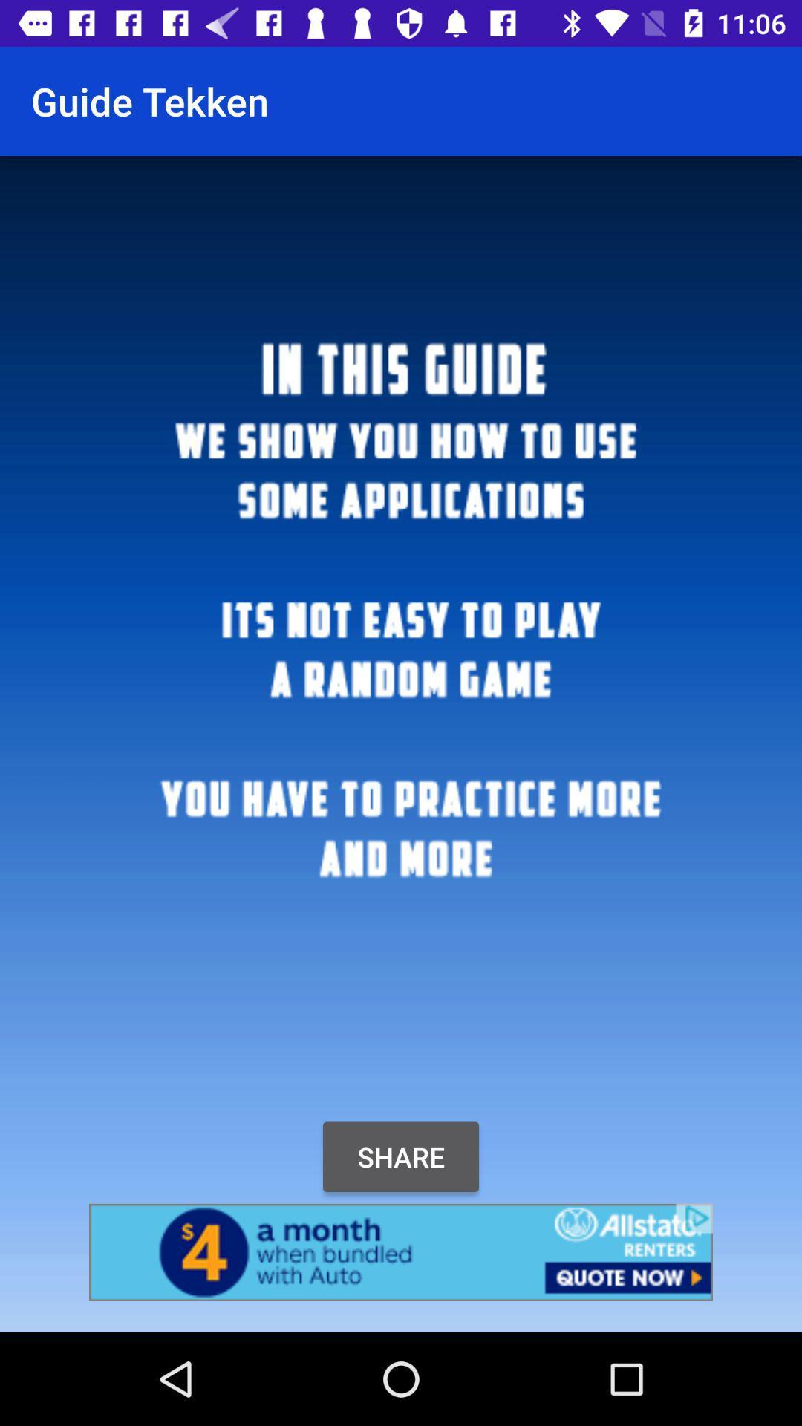 The height and width of the screenshot is (1426, 802). Describe the element at coordinates (401, 1251) in the screenshot. I see `connect to advertisement` at that location.